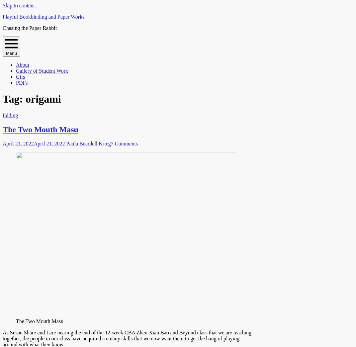  What do you see at coordinates (43, 16) in the screenshot?
I see `'Playful Bookbinding and Paper Works'` at bounding box center [43, 16].